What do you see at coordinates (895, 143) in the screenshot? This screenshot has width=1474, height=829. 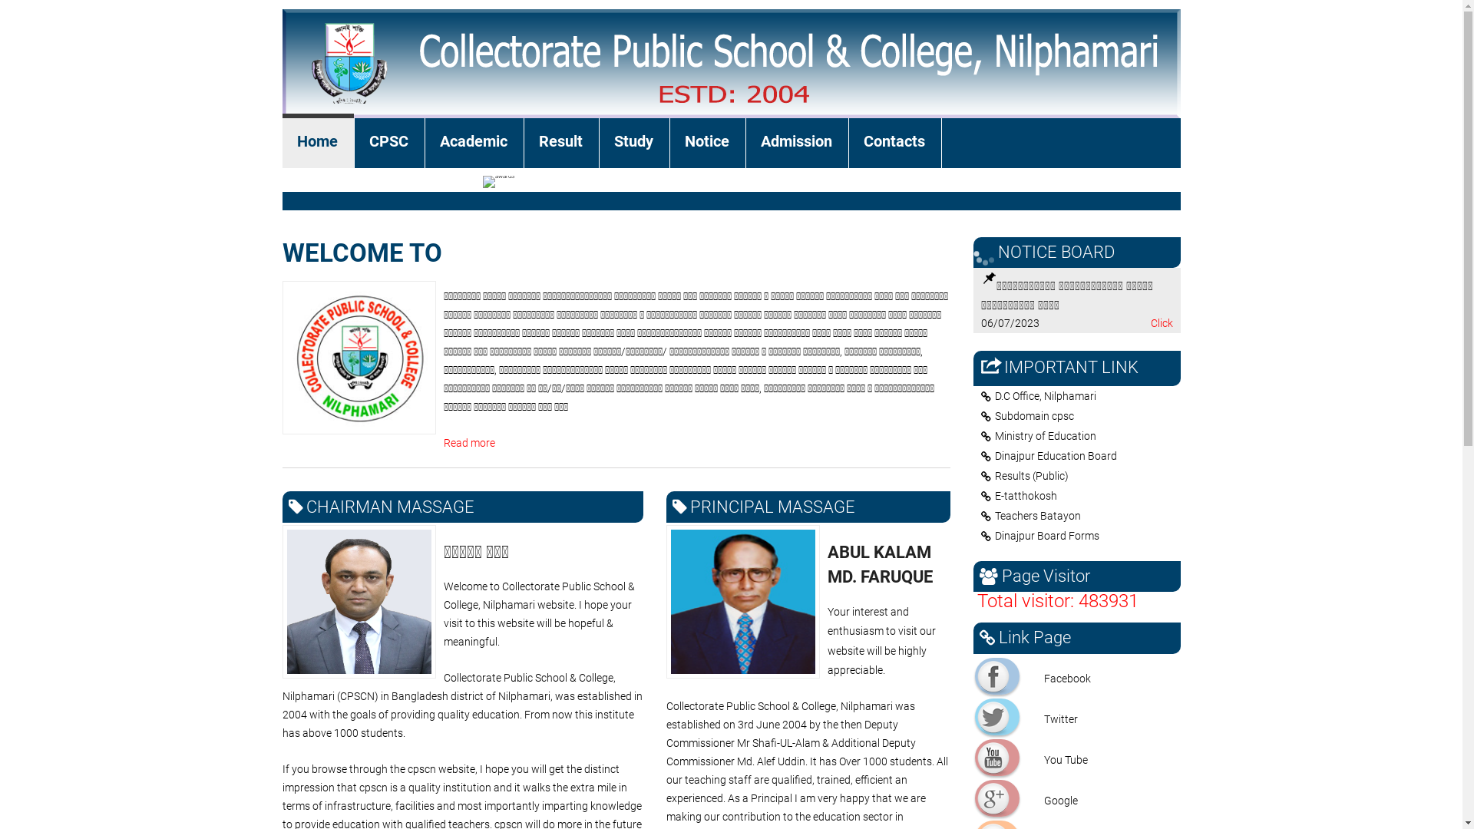 I see `'Contacts'` at bounding box center [895, 143].